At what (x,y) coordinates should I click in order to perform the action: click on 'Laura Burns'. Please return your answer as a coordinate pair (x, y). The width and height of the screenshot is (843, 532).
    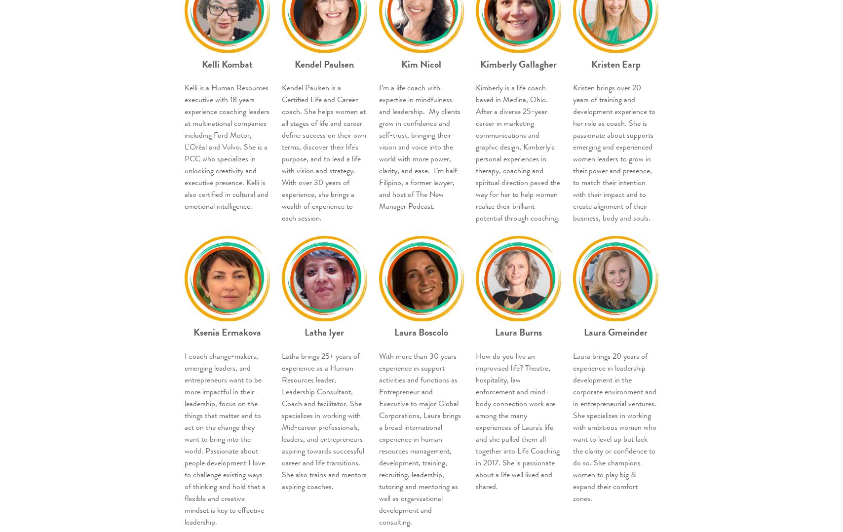
    Looking at the image, I should click on (518, 332).